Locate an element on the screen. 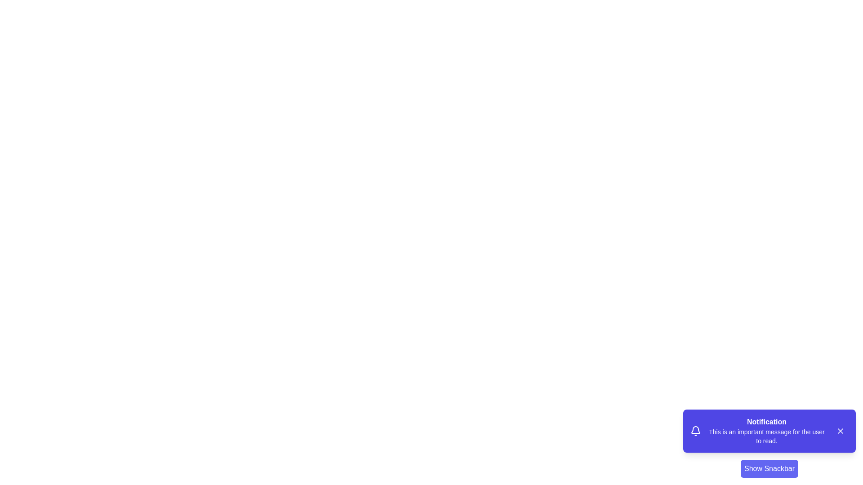 The width and height of the screenshot is (863, 485). the close (dismiss) action button, which is an SVG graphic located in the top-right corner of the purple notification element to trigger a visual response is located at coordinates (840, 431).